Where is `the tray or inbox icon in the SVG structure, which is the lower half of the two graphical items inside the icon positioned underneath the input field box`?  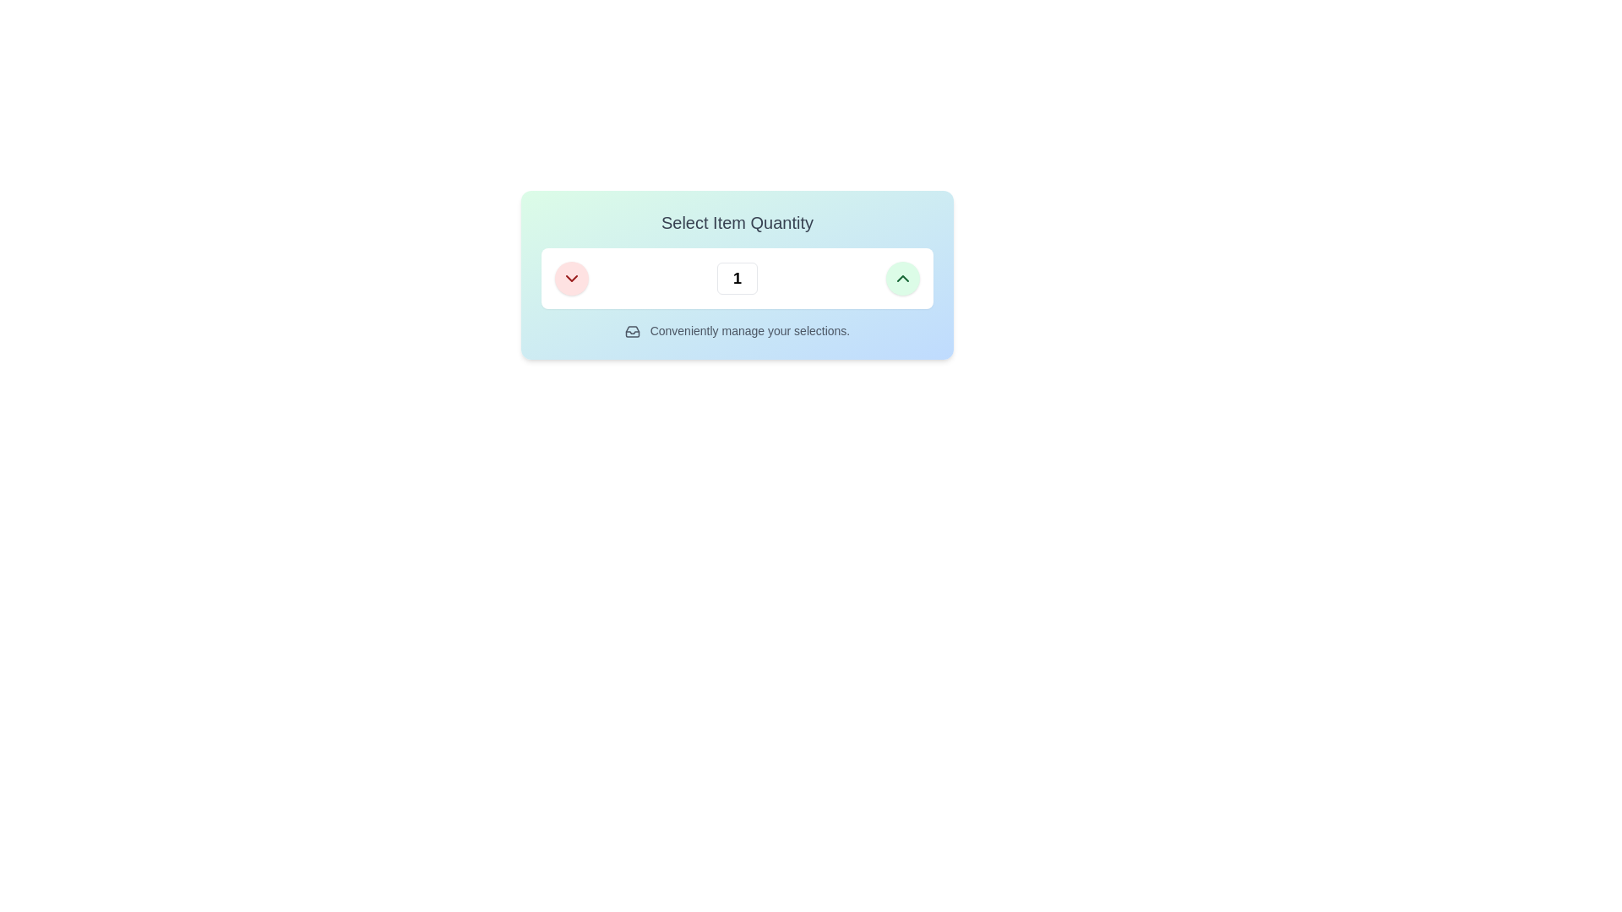 the tray or inbox icon in the SVG structure, which is the lower half of the two graphical items inside the icon positioned underneath the input field box is located at coordinates (631, 332).